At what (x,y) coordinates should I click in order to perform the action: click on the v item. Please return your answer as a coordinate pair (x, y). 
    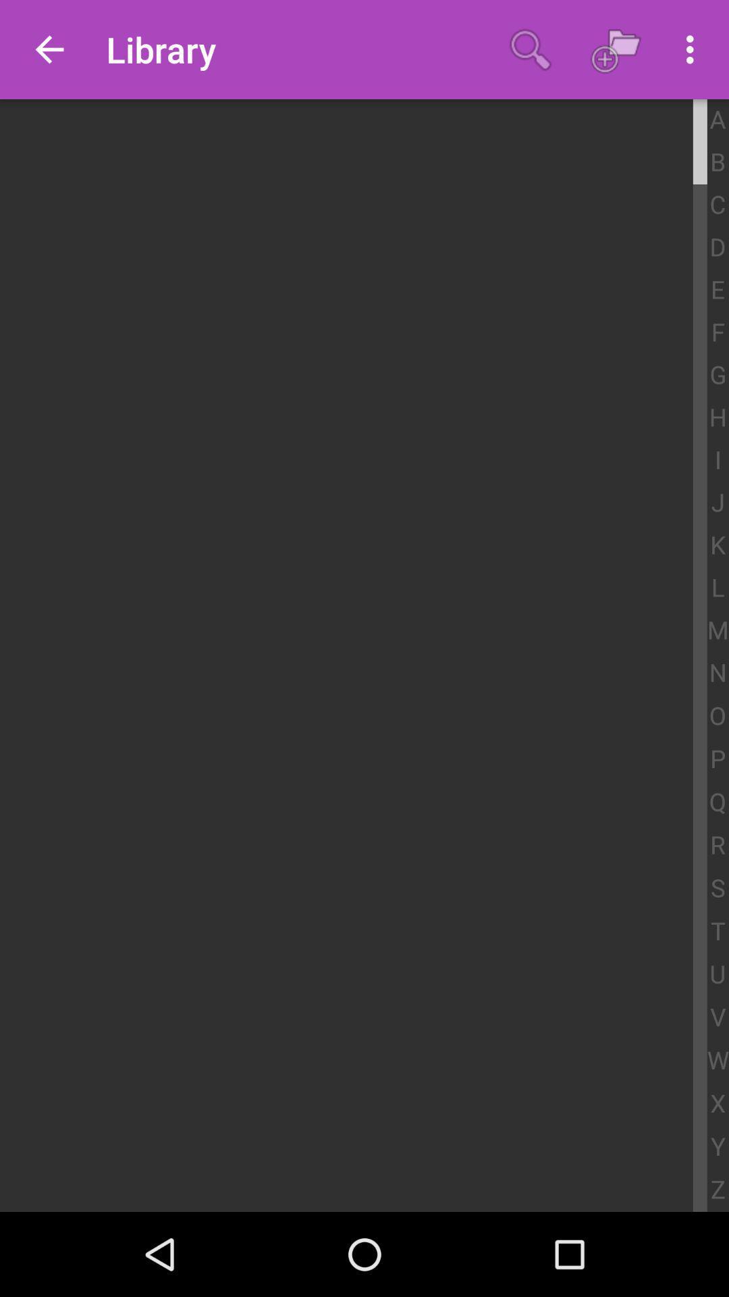
    Looking at the image, I should click on (717, 1018).